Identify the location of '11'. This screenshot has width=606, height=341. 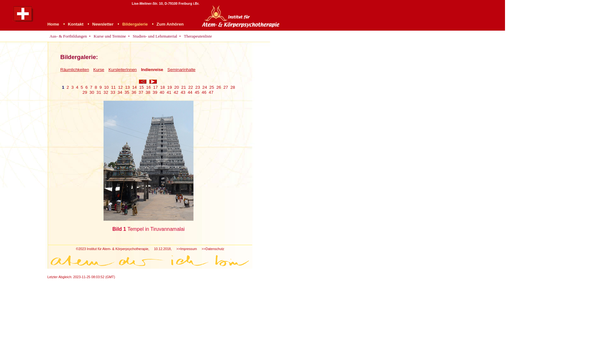
(113, 87).